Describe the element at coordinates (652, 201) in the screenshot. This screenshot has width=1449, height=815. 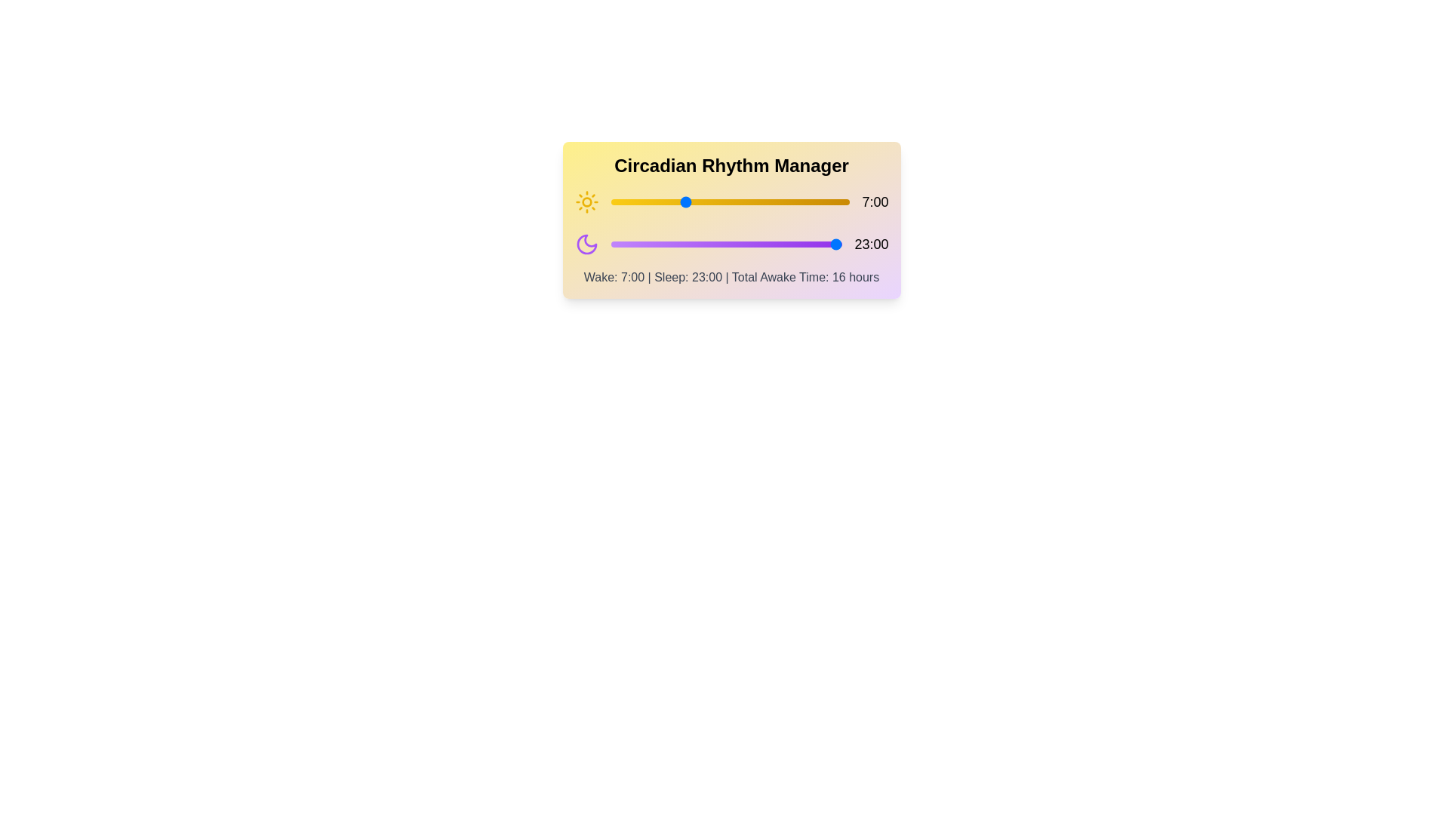
I see `the wake hour to 4 by moving the slider` at that location.